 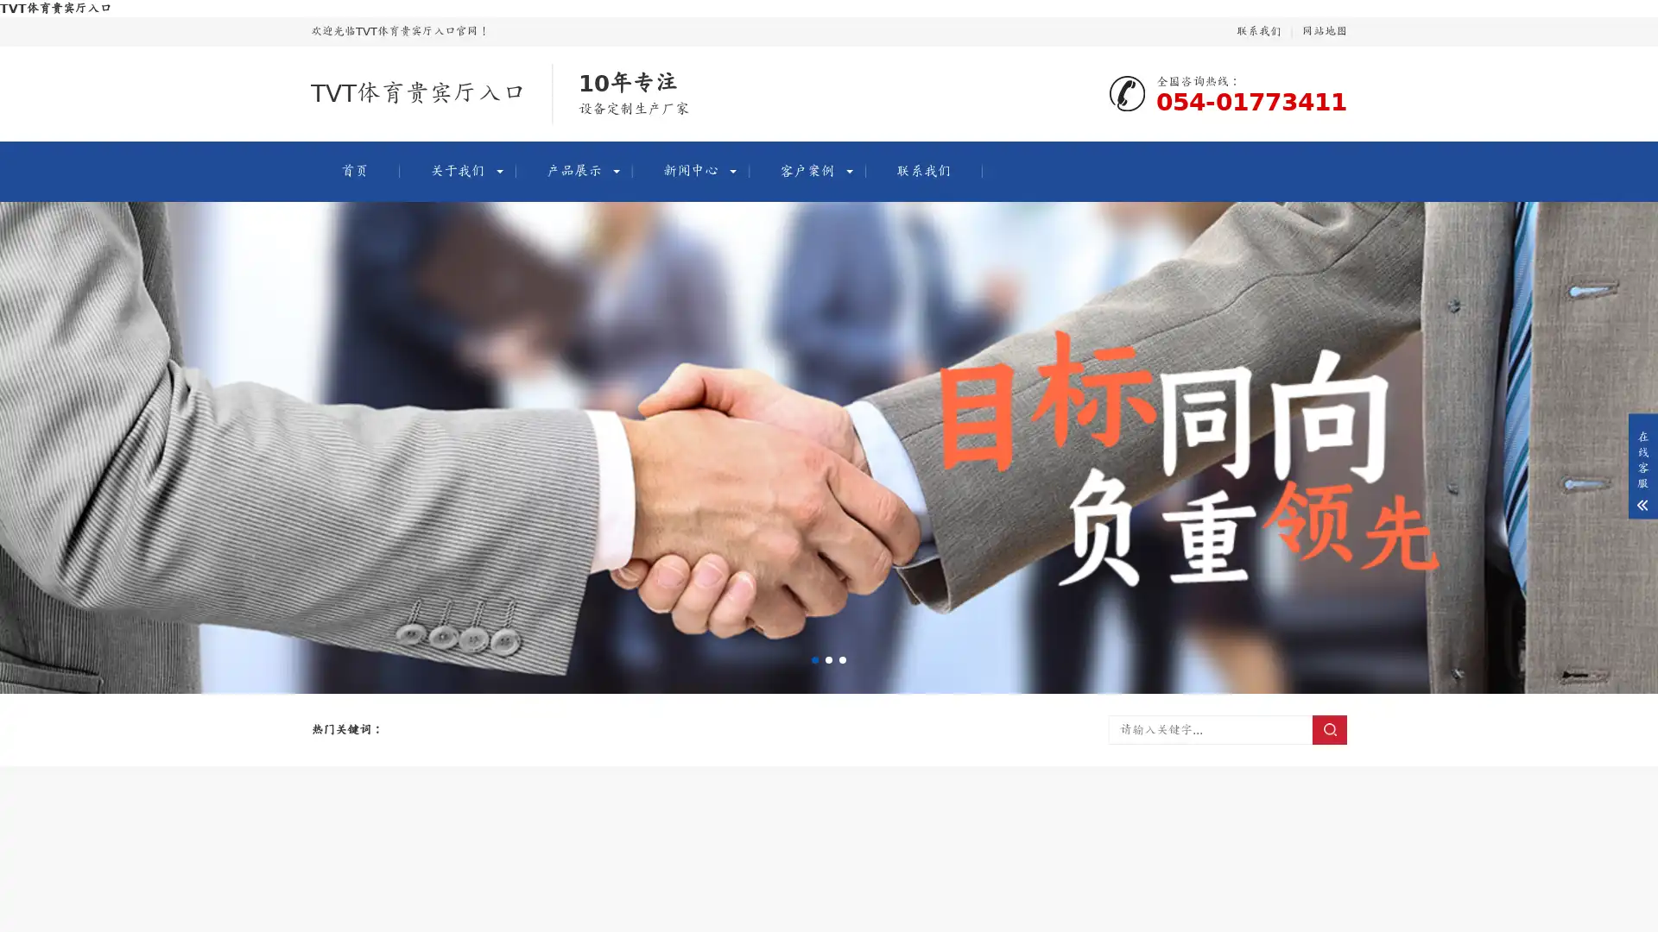 What do you see at coordinates (814, 659) in the screenshot?
I see `Go to slide 1` at bounding box center [814, 659].